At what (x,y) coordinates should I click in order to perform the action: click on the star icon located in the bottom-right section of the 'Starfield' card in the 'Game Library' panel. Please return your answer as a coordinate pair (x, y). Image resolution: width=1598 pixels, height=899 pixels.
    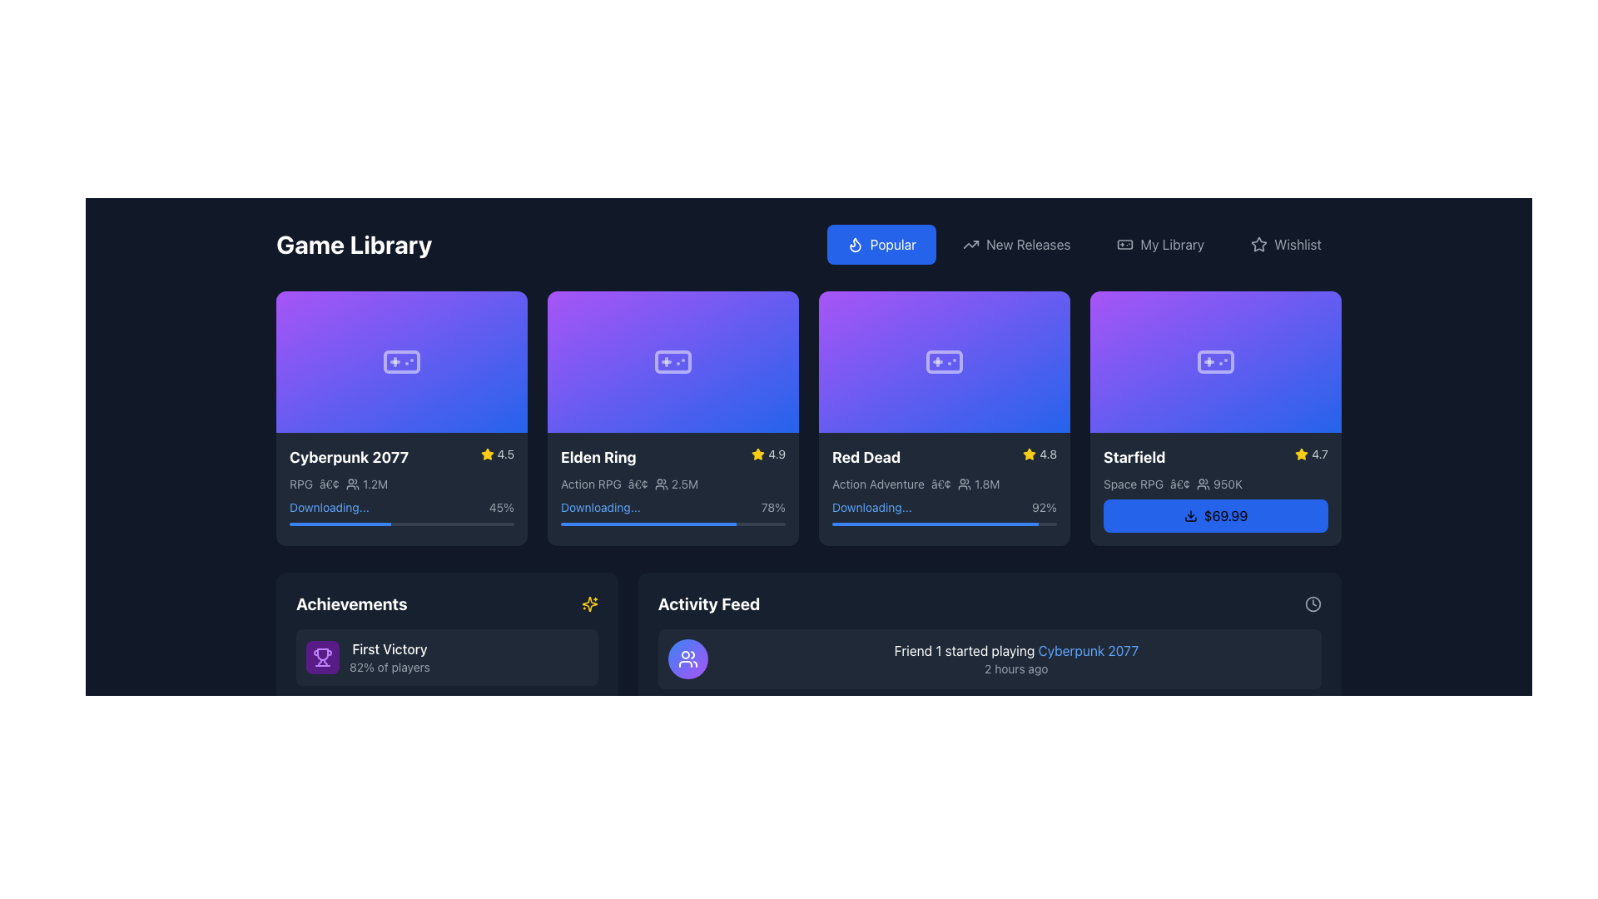
    Looking at the image, I should click on (1301, 454).